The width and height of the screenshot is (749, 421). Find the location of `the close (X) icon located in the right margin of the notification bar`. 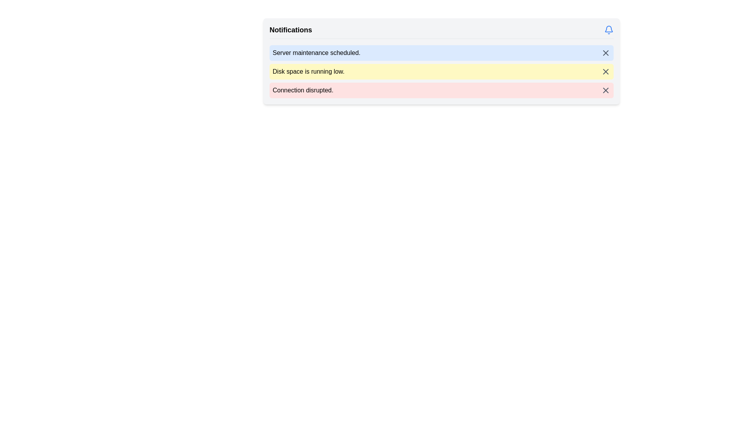

the close (X) icon located in the right margin of the notification bar is located at coordinates (605, 72).